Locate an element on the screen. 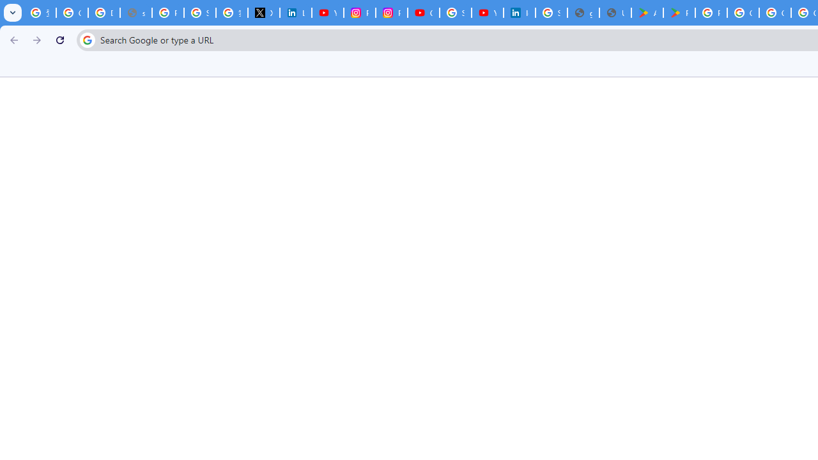 Image resolution: width=818 pixels, height=460 pixels. 'Google Workspace - Specific Terms' is located at coordinates (774, 13).